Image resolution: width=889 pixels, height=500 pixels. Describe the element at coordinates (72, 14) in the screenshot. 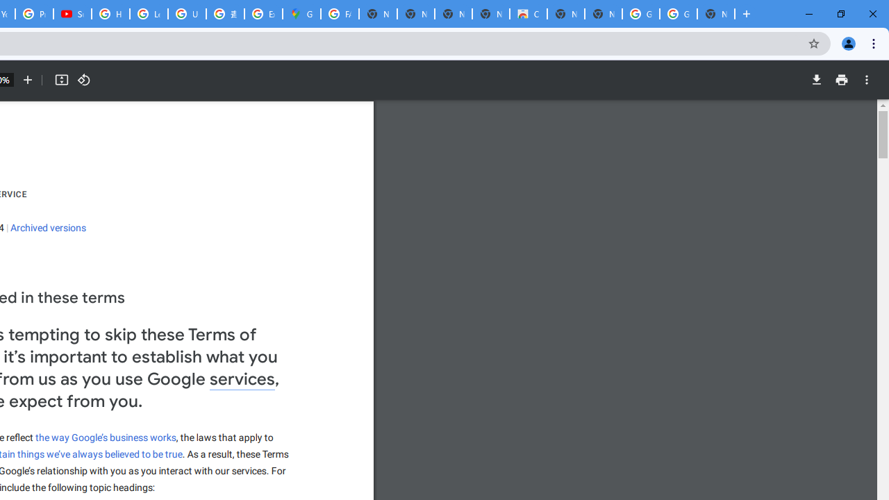

I see `'Subscriptions - YouTube'` at that location.